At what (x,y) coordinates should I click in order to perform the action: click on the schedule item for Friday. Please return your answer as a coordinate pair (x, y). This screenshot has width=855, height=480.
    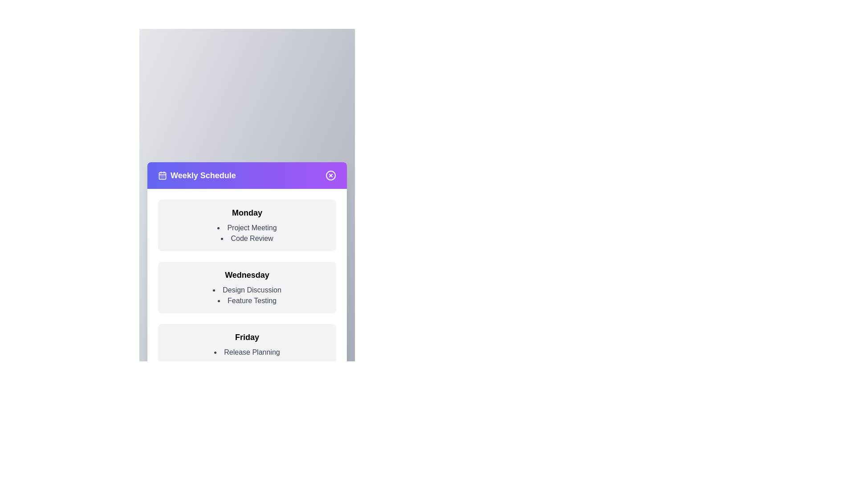
    Looking at the image, I should click on (247, 344).